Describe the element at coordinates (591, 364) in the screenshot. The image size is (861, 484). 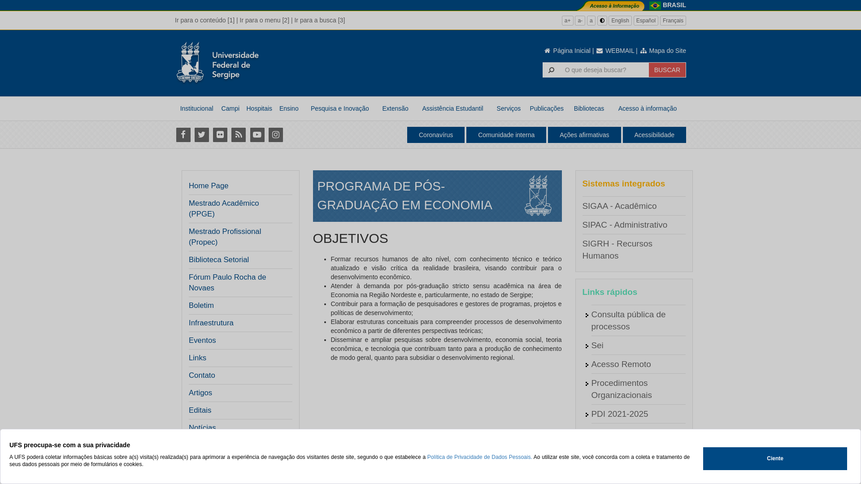
I see `'Acesso Remoto'` at that location.